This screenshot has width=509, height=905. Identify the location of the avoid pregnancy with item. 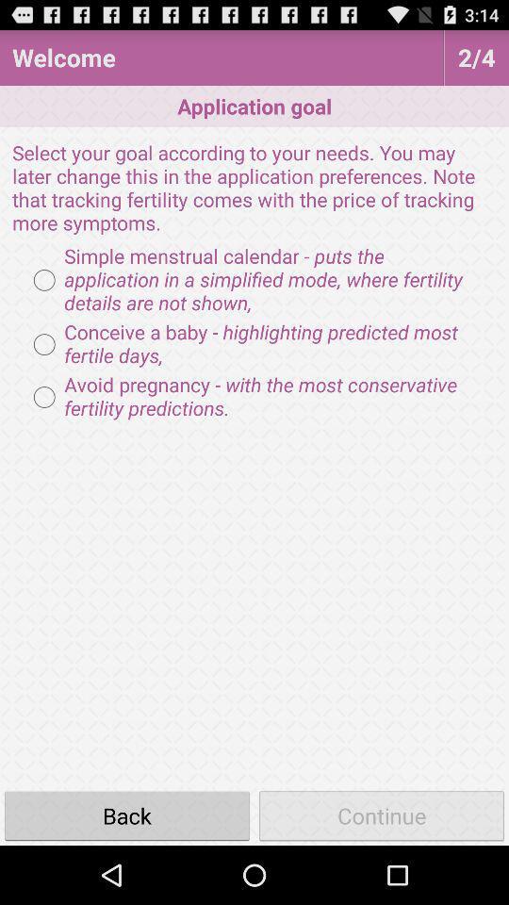
(254, 397).